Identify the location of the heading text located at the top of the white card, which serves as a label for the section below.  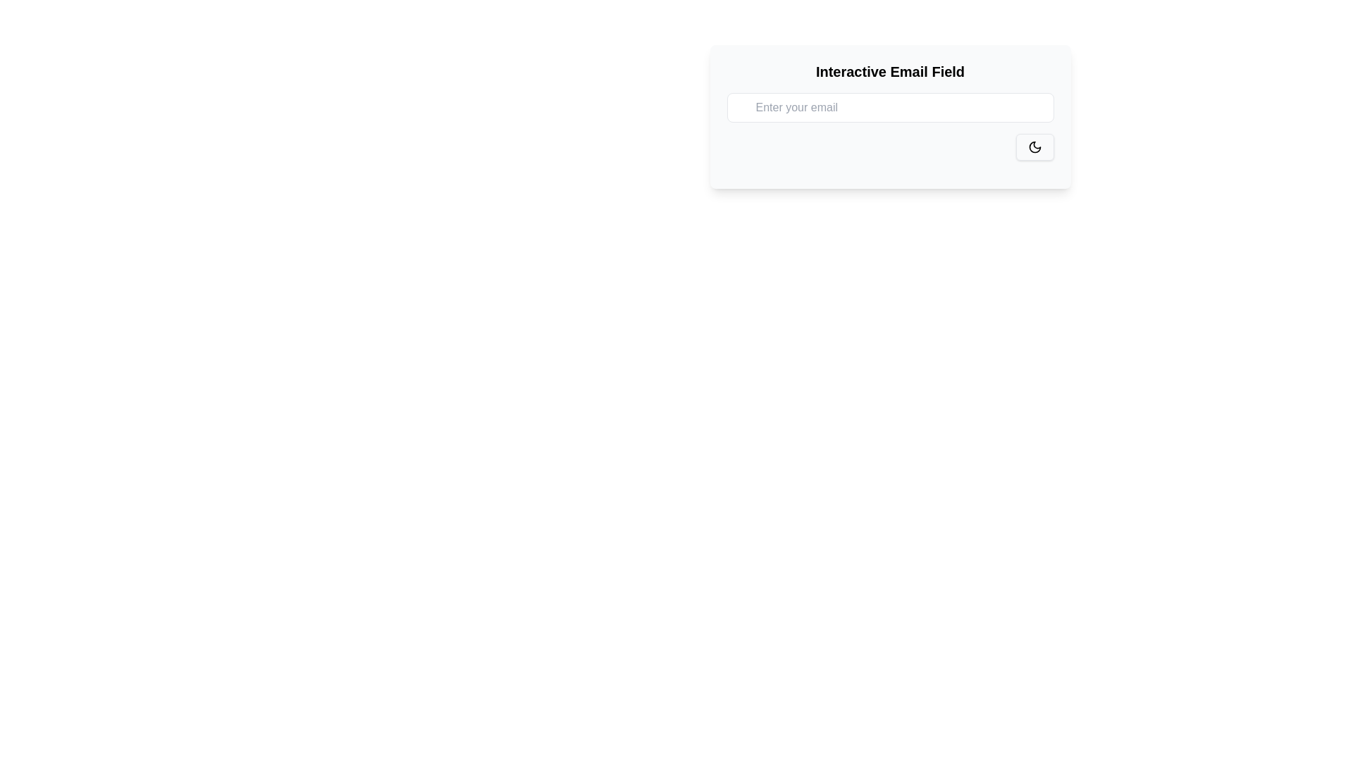
(889, 71).